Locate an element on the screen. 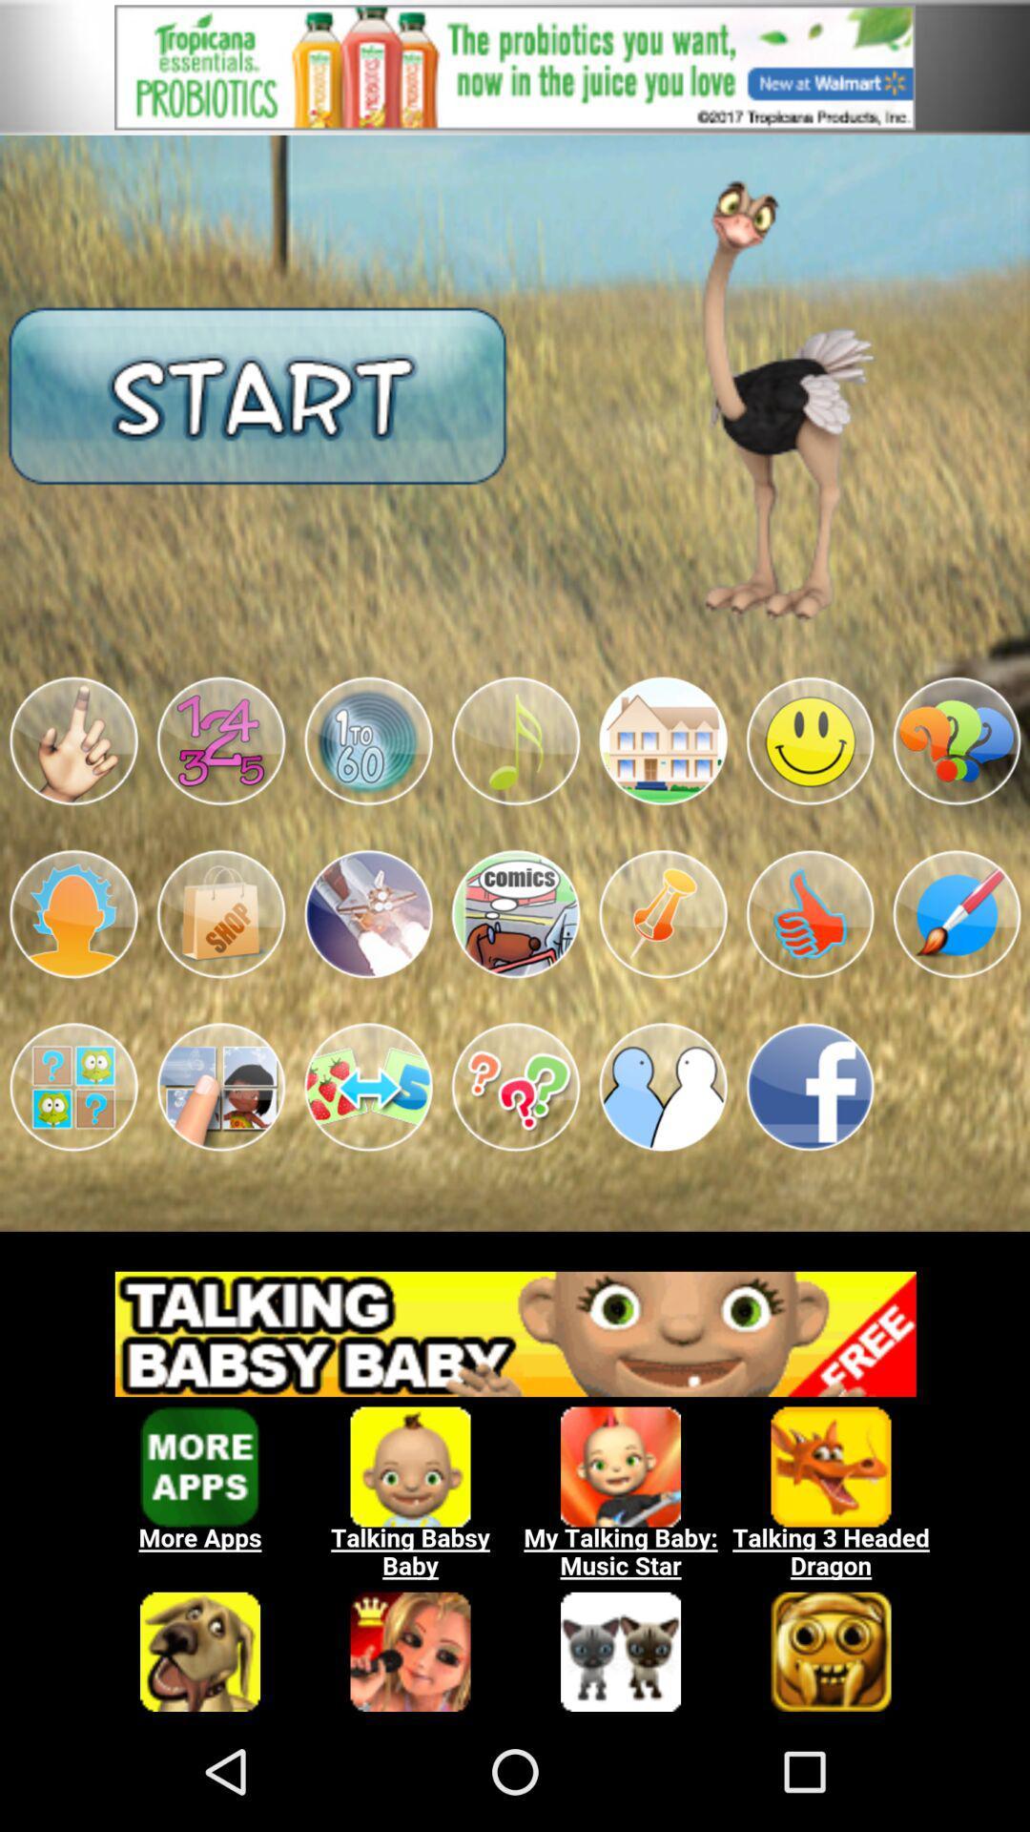  the cart icon is located at coordinates (219, 978).